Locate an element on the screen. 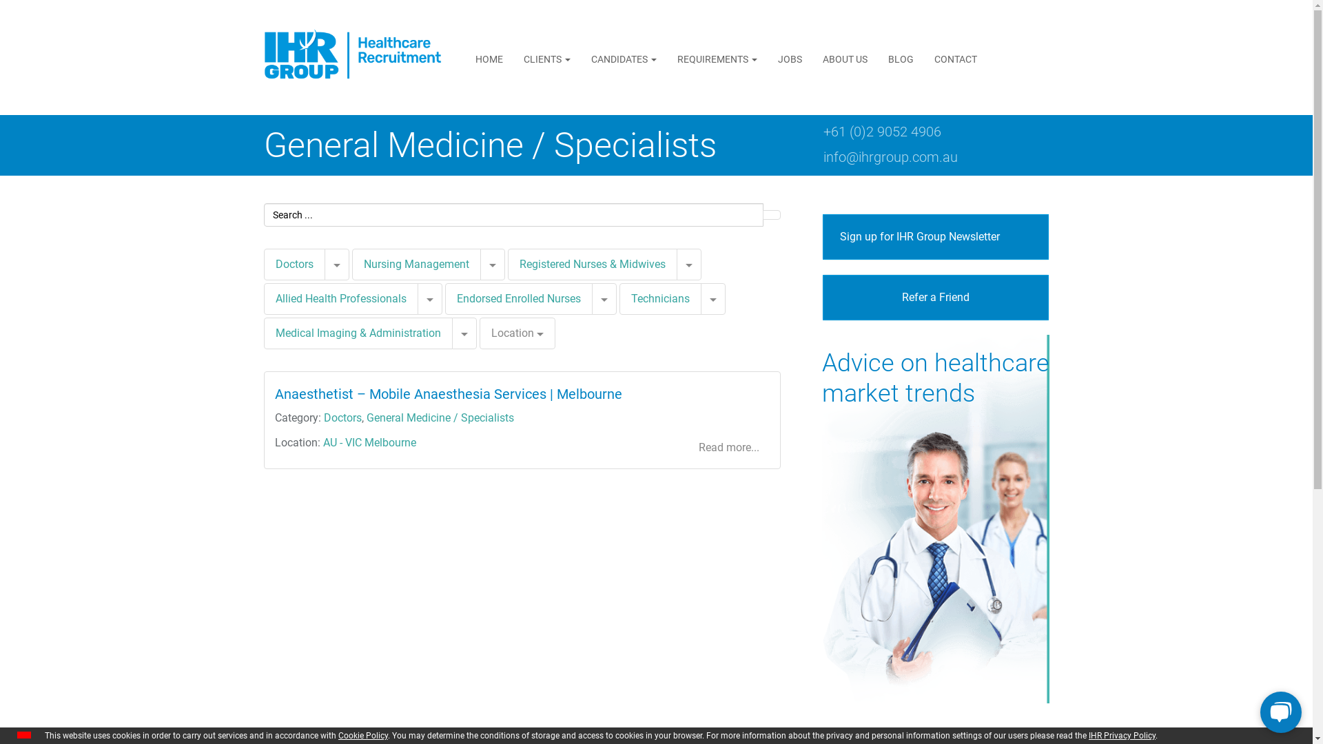  'Toggle Dropdown' is located at coordinates (712, 298).